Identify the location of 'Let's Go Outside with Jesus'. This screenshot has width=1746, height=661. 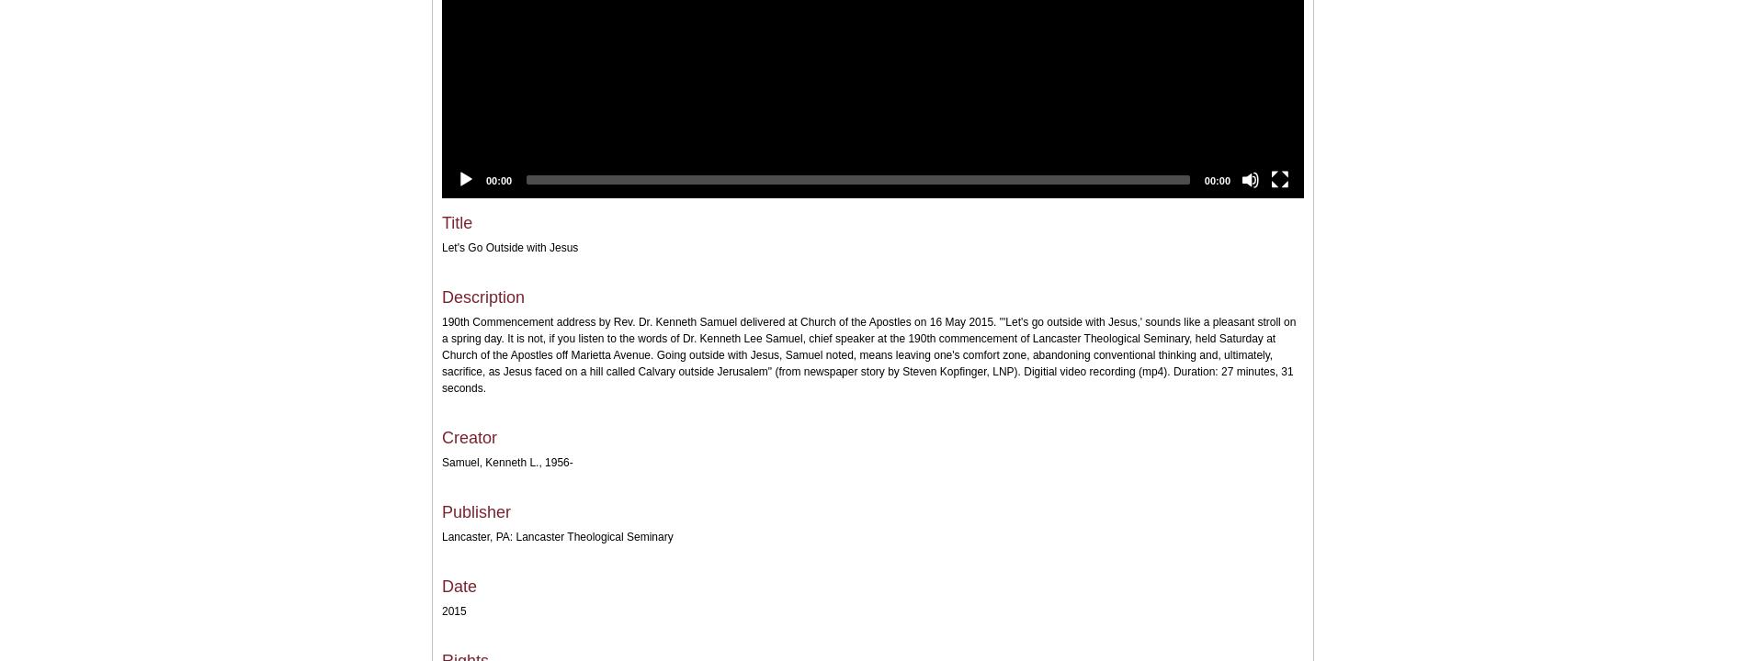
(509, 248).